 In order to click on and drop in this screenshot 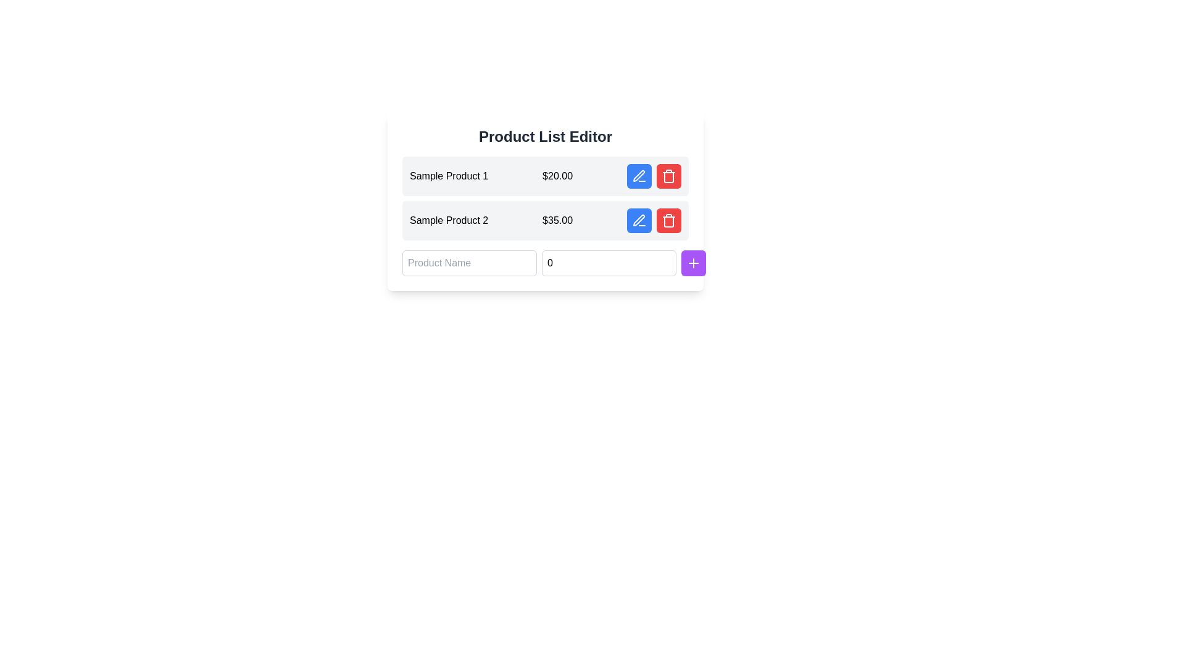, I will do `click(544, 197)`.